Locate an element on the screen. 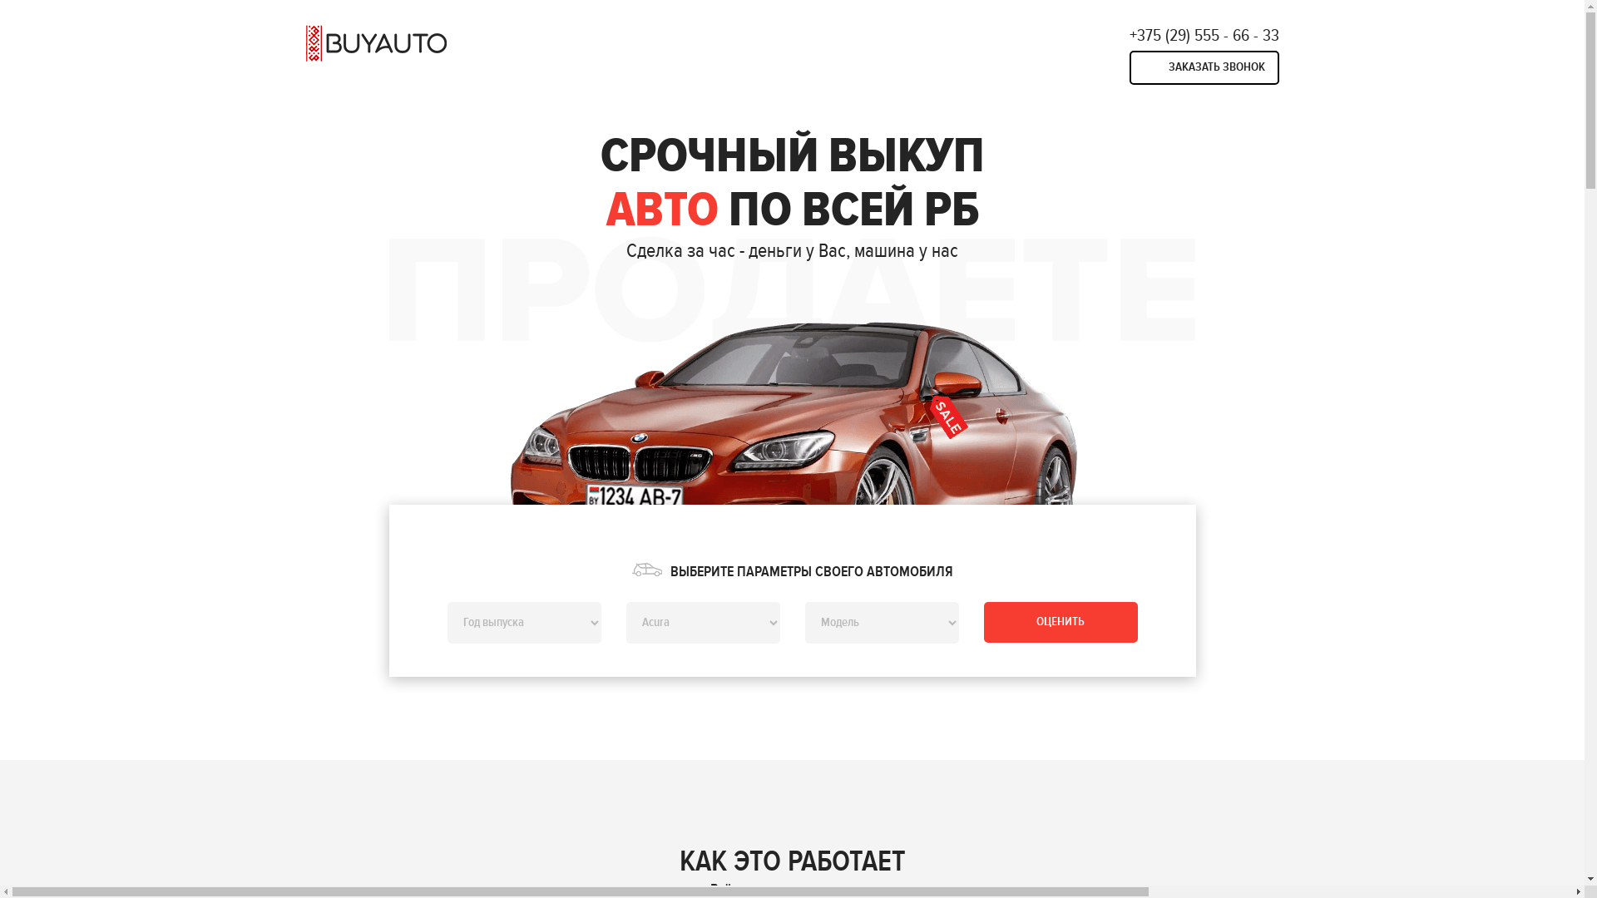 The width and height of the screenshot is (1597, 898). '+375 (29) 555 - 66 - 33' is located at coordinates (1204, 35).